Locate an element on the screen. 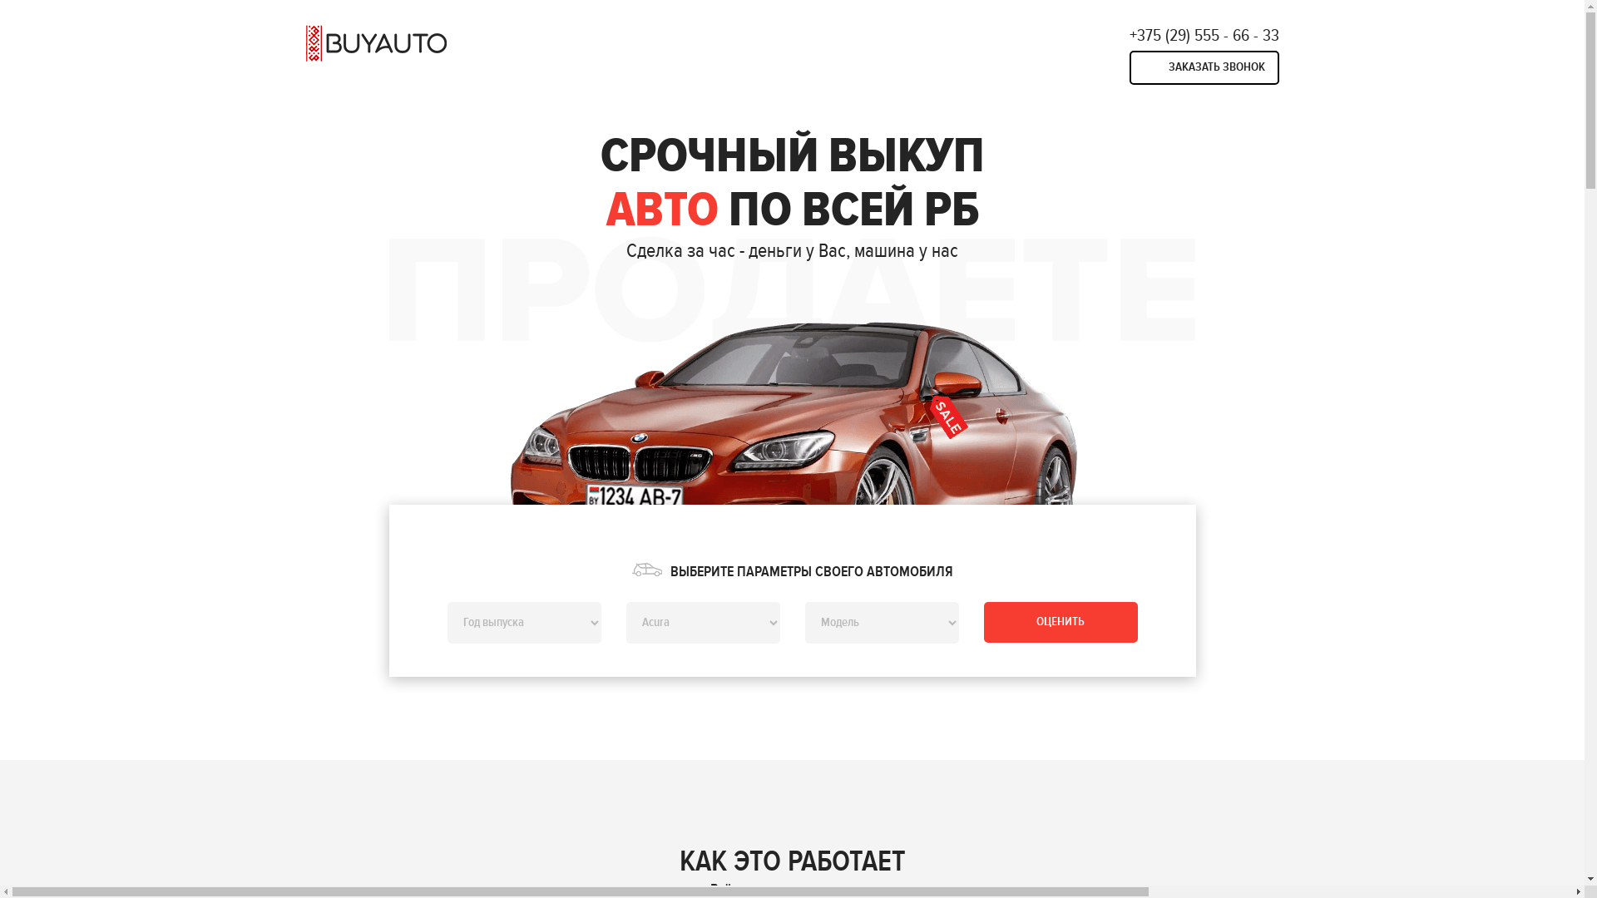 The width and height of the screenshot is (1597, 898). '+375 (29) 555 - 66 - 33' is located at coordinates (1204, 35).